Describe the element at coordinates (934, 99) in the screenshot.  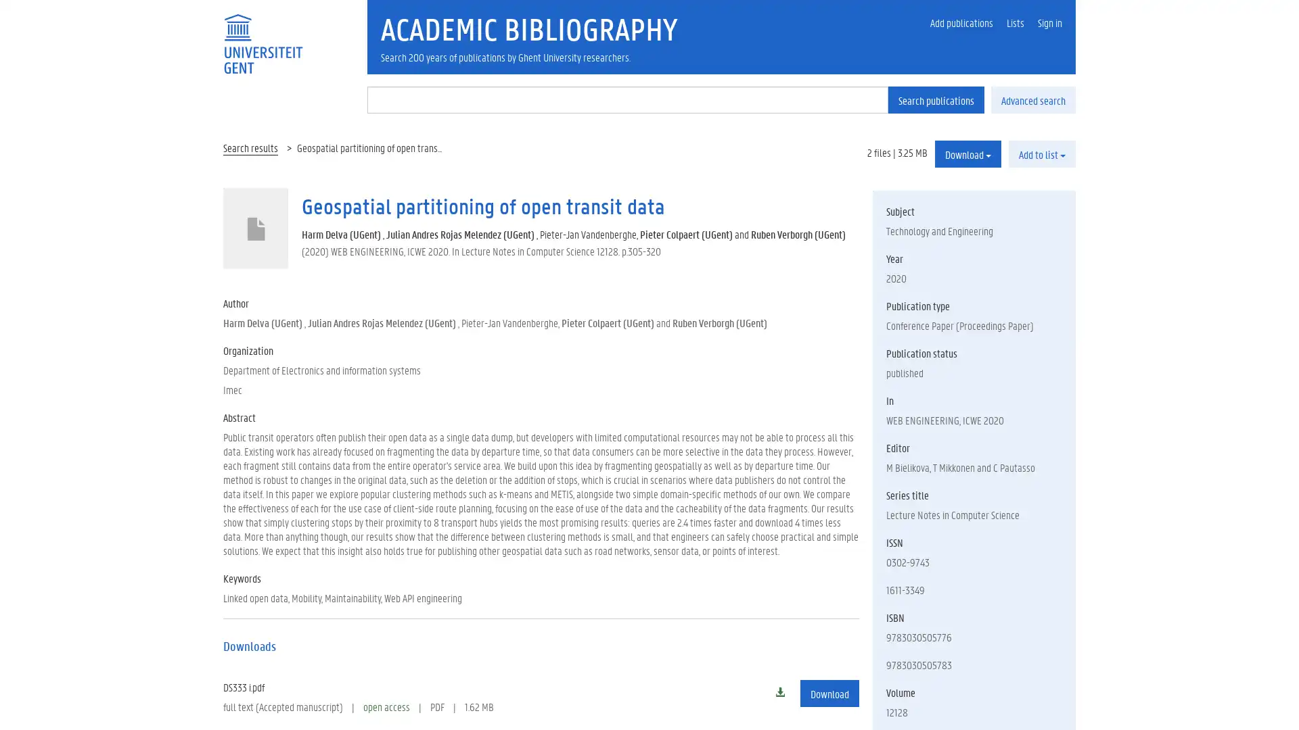
I see `Search publications` at that location.